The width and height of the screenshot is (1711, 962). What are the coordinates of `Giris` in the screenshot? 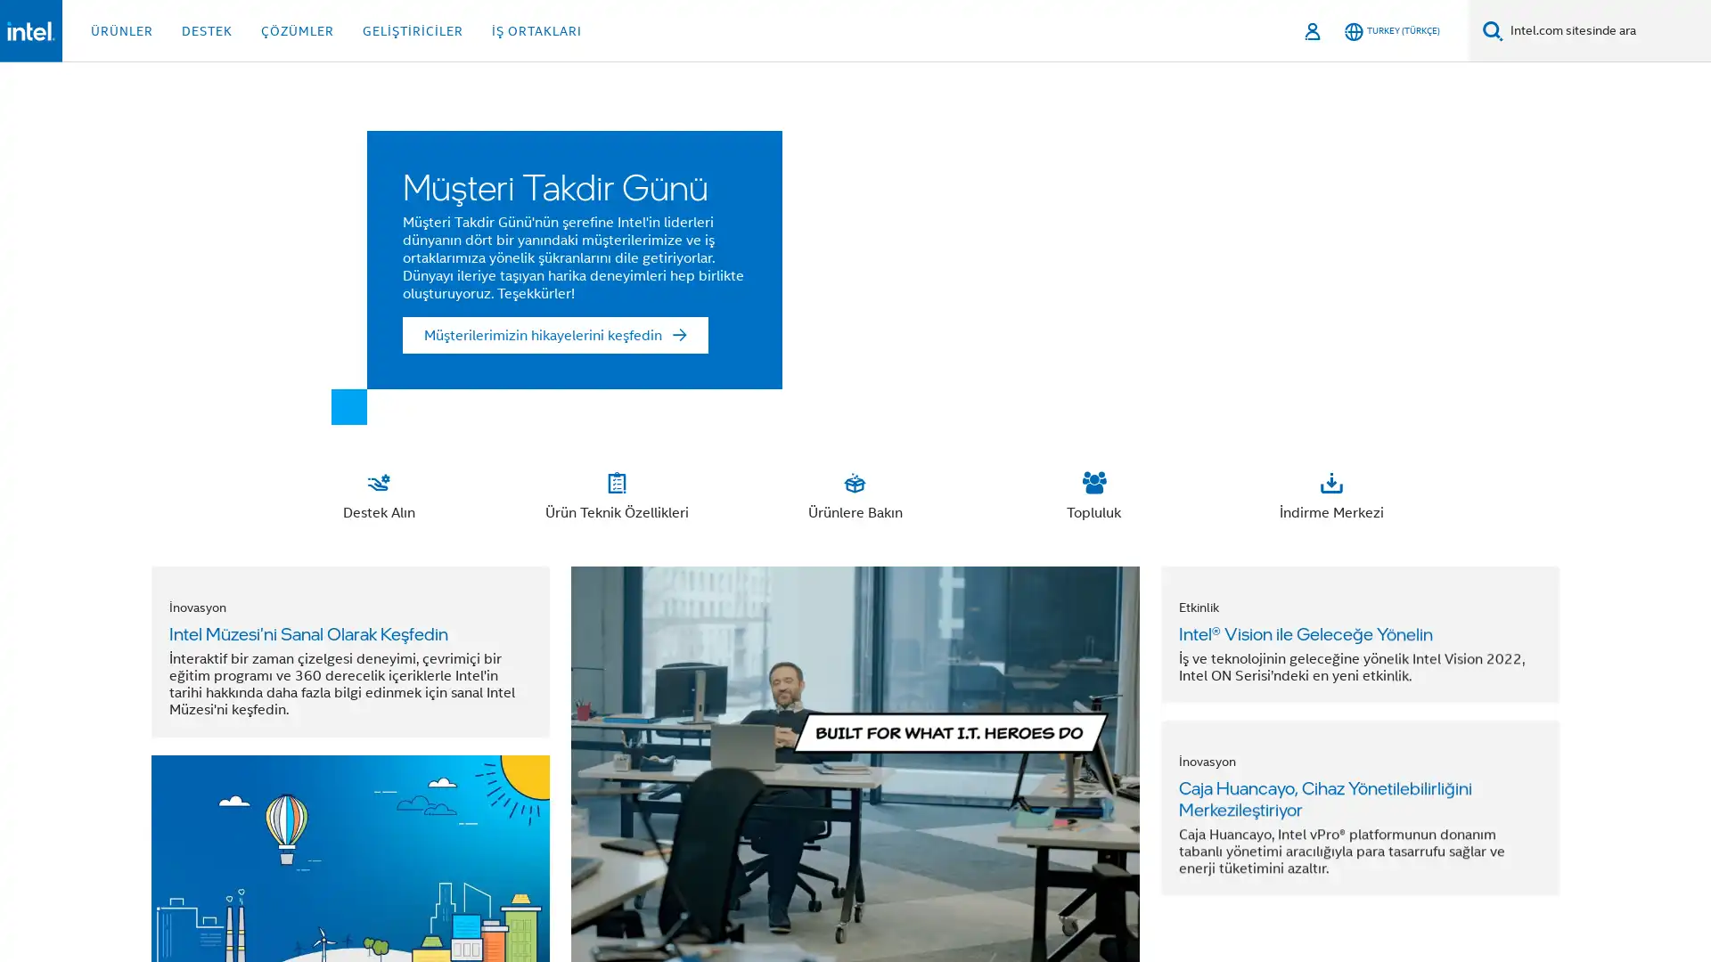 It's located at (1314, 30).